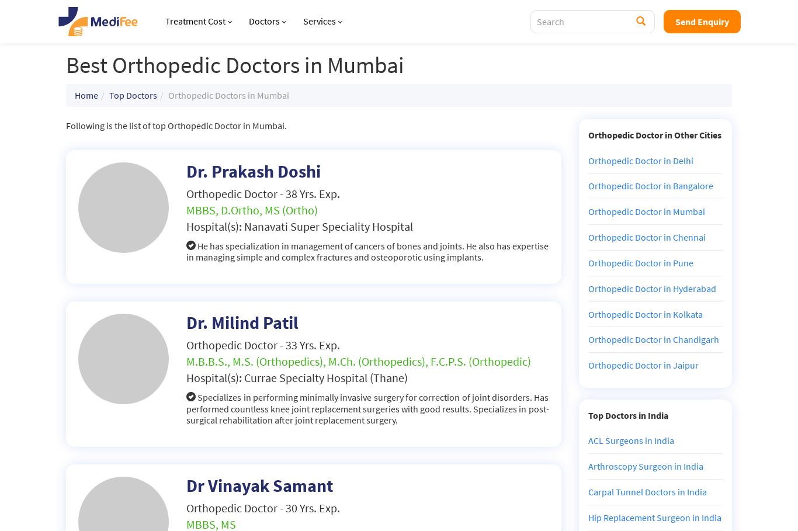 This screenshot has width=798, height=531. I want to click on 'Orthopedic Doctor - 38 Yrs. Exp.', so click(262, 193).